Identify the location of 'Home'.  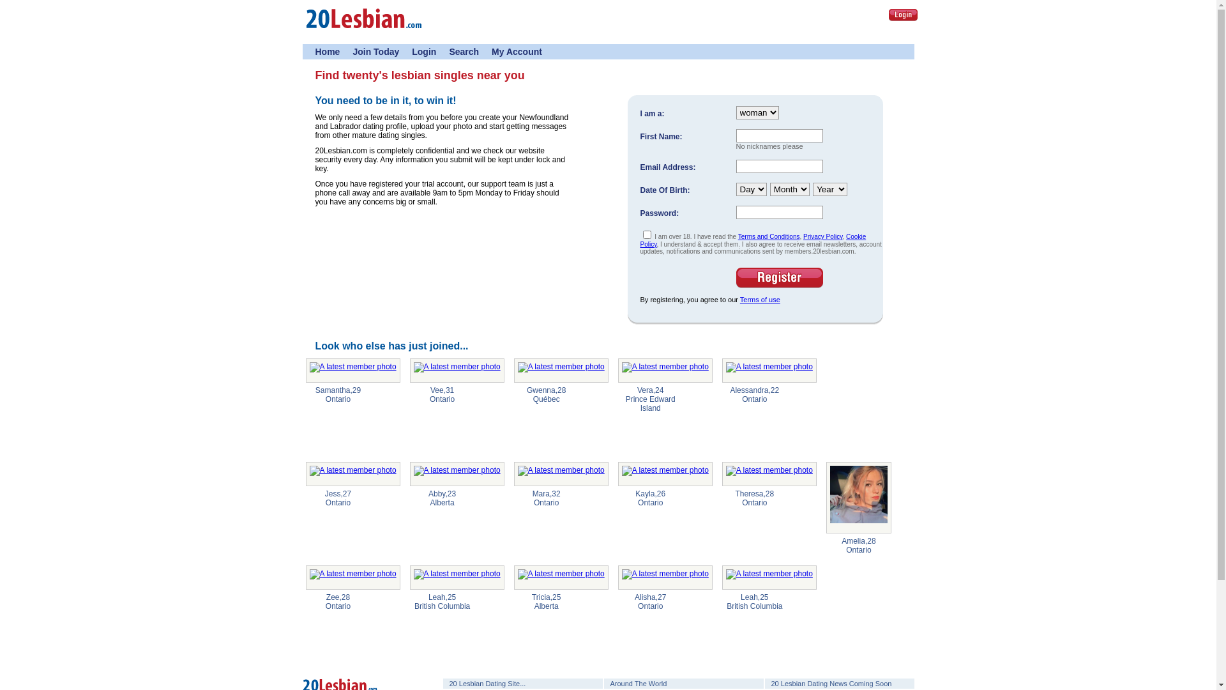
(315, 51).